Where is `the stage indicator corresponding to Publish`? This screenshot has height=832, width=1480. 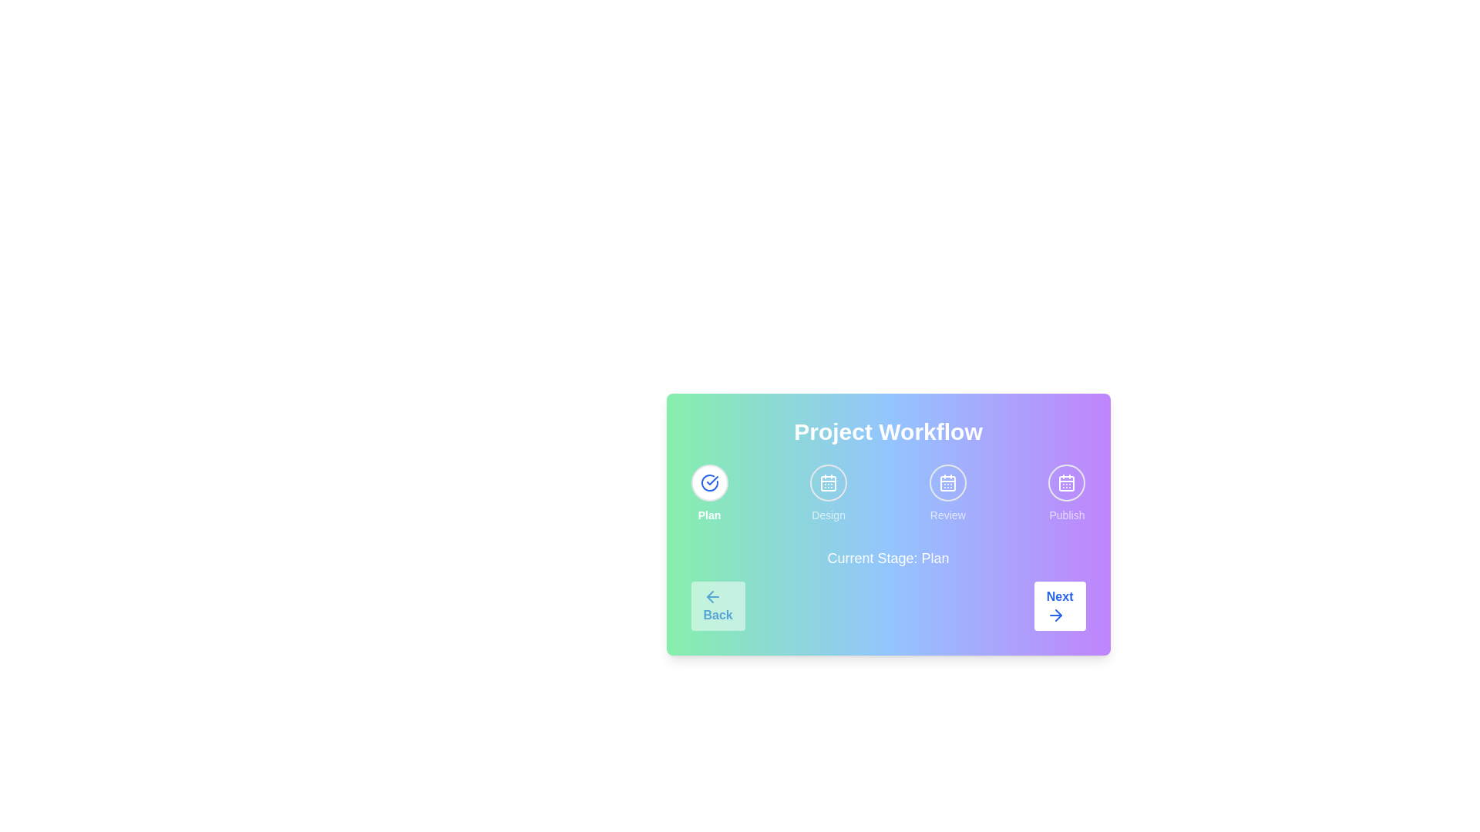
the stage indicator corresponding to Publish is located at coordinates (1066, 482).